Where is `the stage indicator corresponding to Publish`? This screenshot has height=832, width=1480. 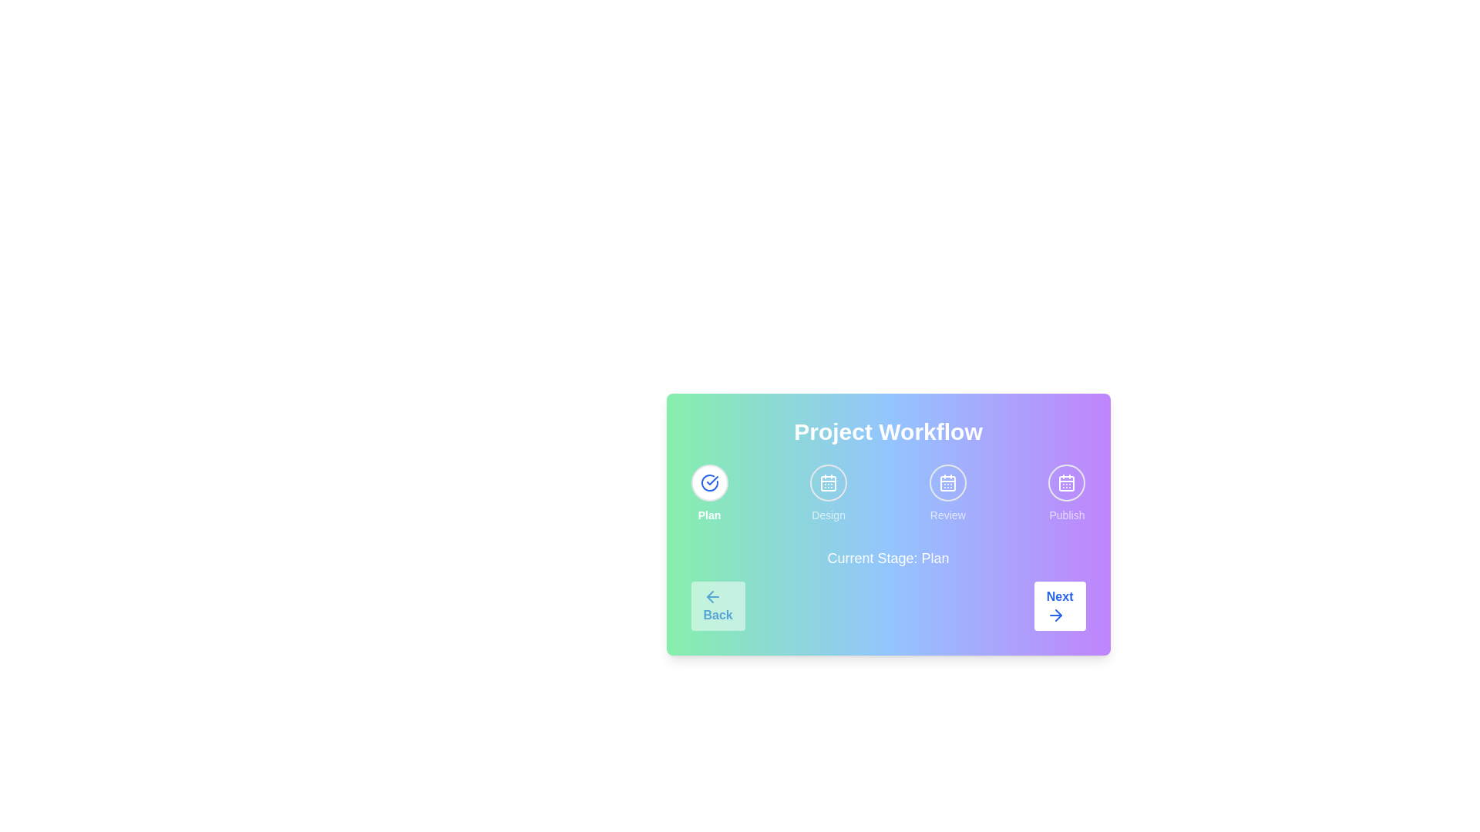
the stage indicator corresponding to Publish is located at coordinates (1066, 482).